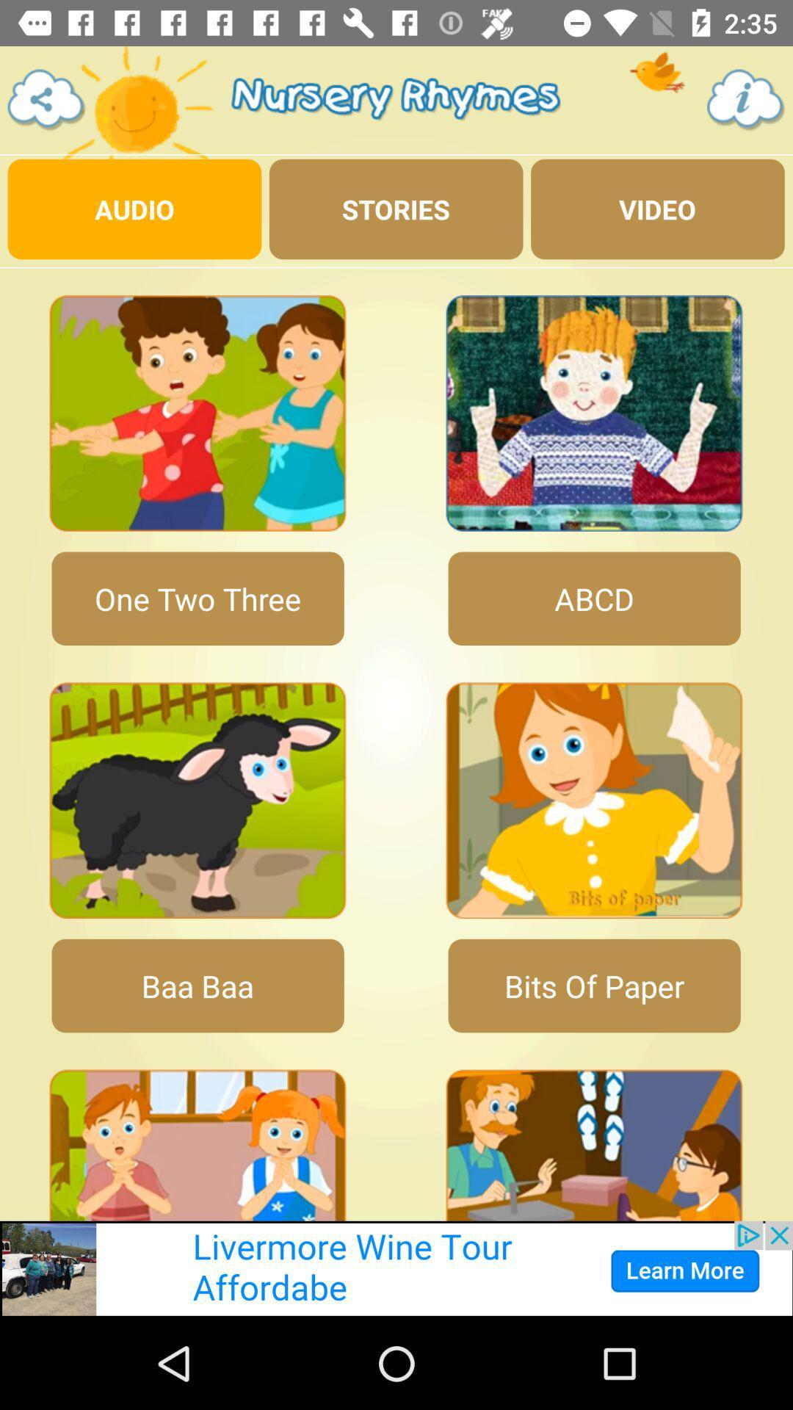 The image size is (793, 1410). Describe the element at coordinates (746, 99) in the screenshot. I see `more information` at that location.